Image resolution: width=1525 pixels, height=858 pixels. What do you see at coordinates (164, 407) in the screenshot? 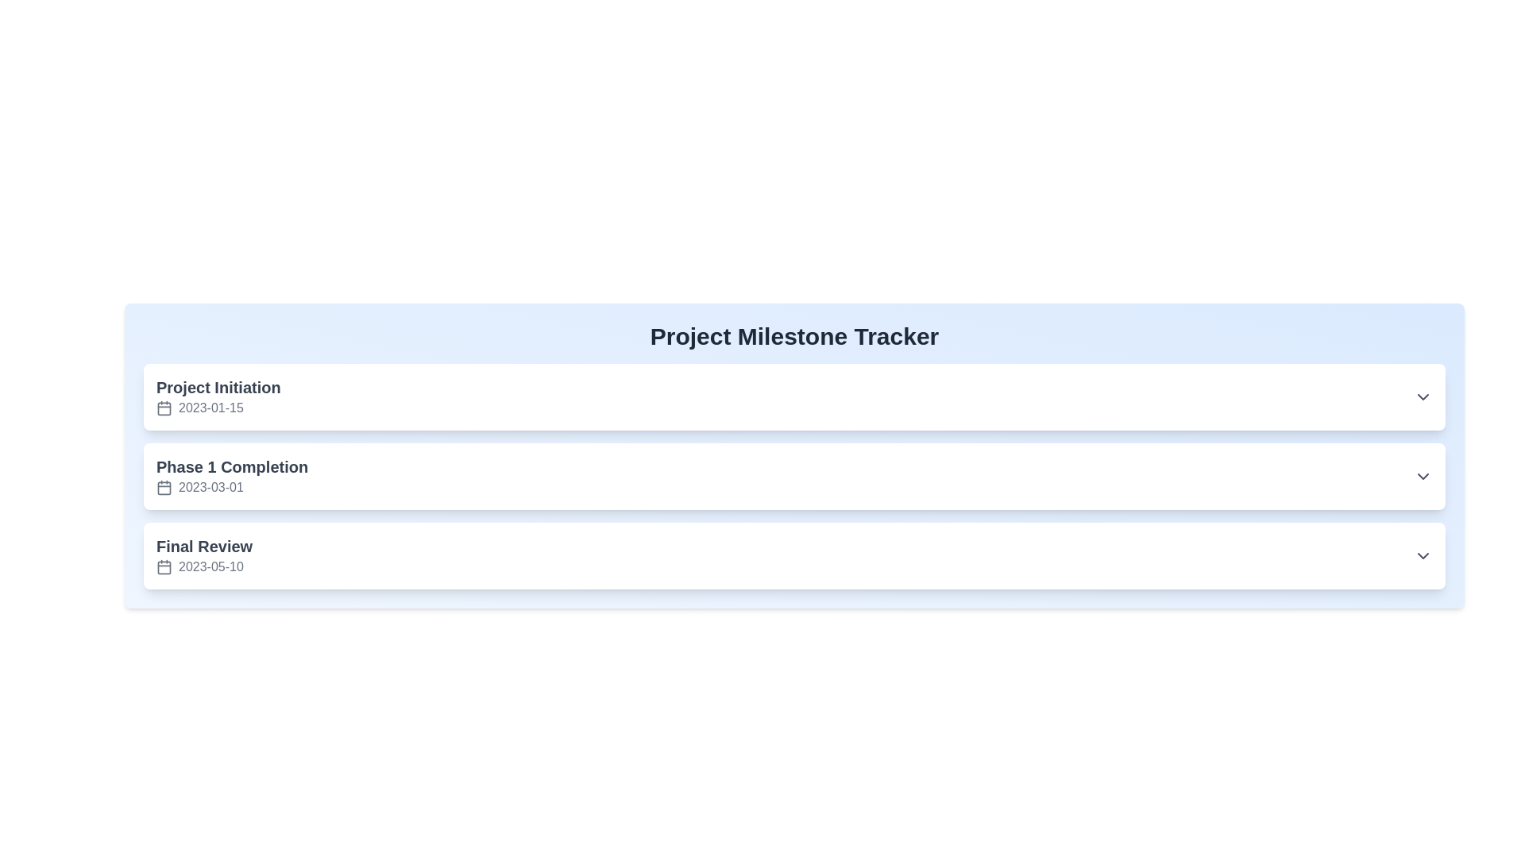
I see `the Icon component of the calendar icon representing the date '2023-01-15' under the 'Project Initiation' milestone` at bounding box center [164, 407].